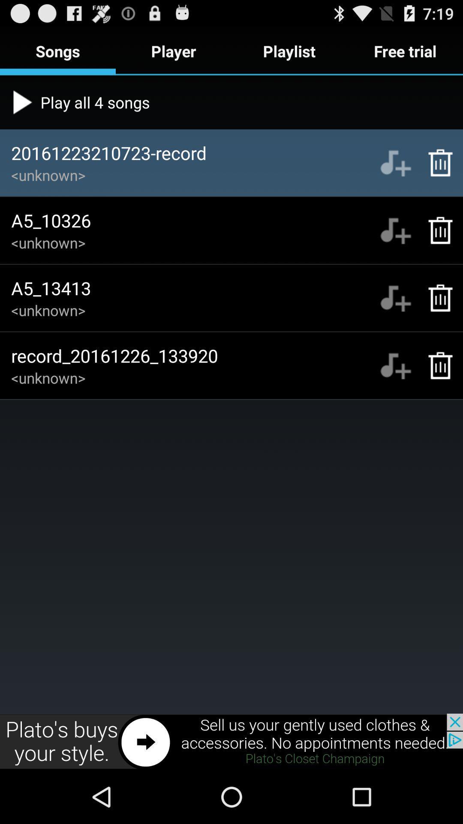 The width and height of the screenshot is (463, 824). What do you see at coordinates (436, 163) in the screenshot?
I see `delete the record` at bounding box center [436, 163].